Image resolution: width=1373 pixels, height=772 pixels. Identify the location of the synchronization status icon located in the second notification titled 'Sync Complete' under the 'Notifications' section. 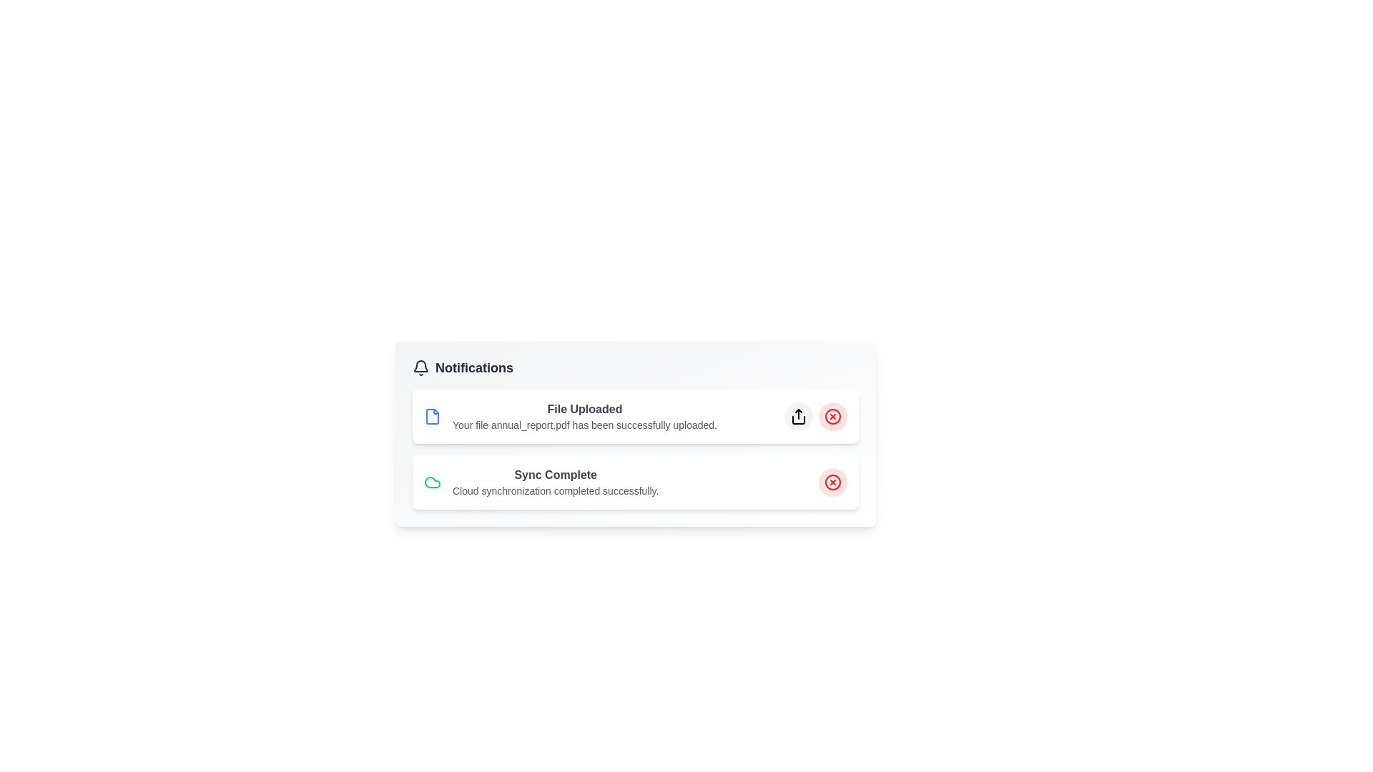
(431, 482).